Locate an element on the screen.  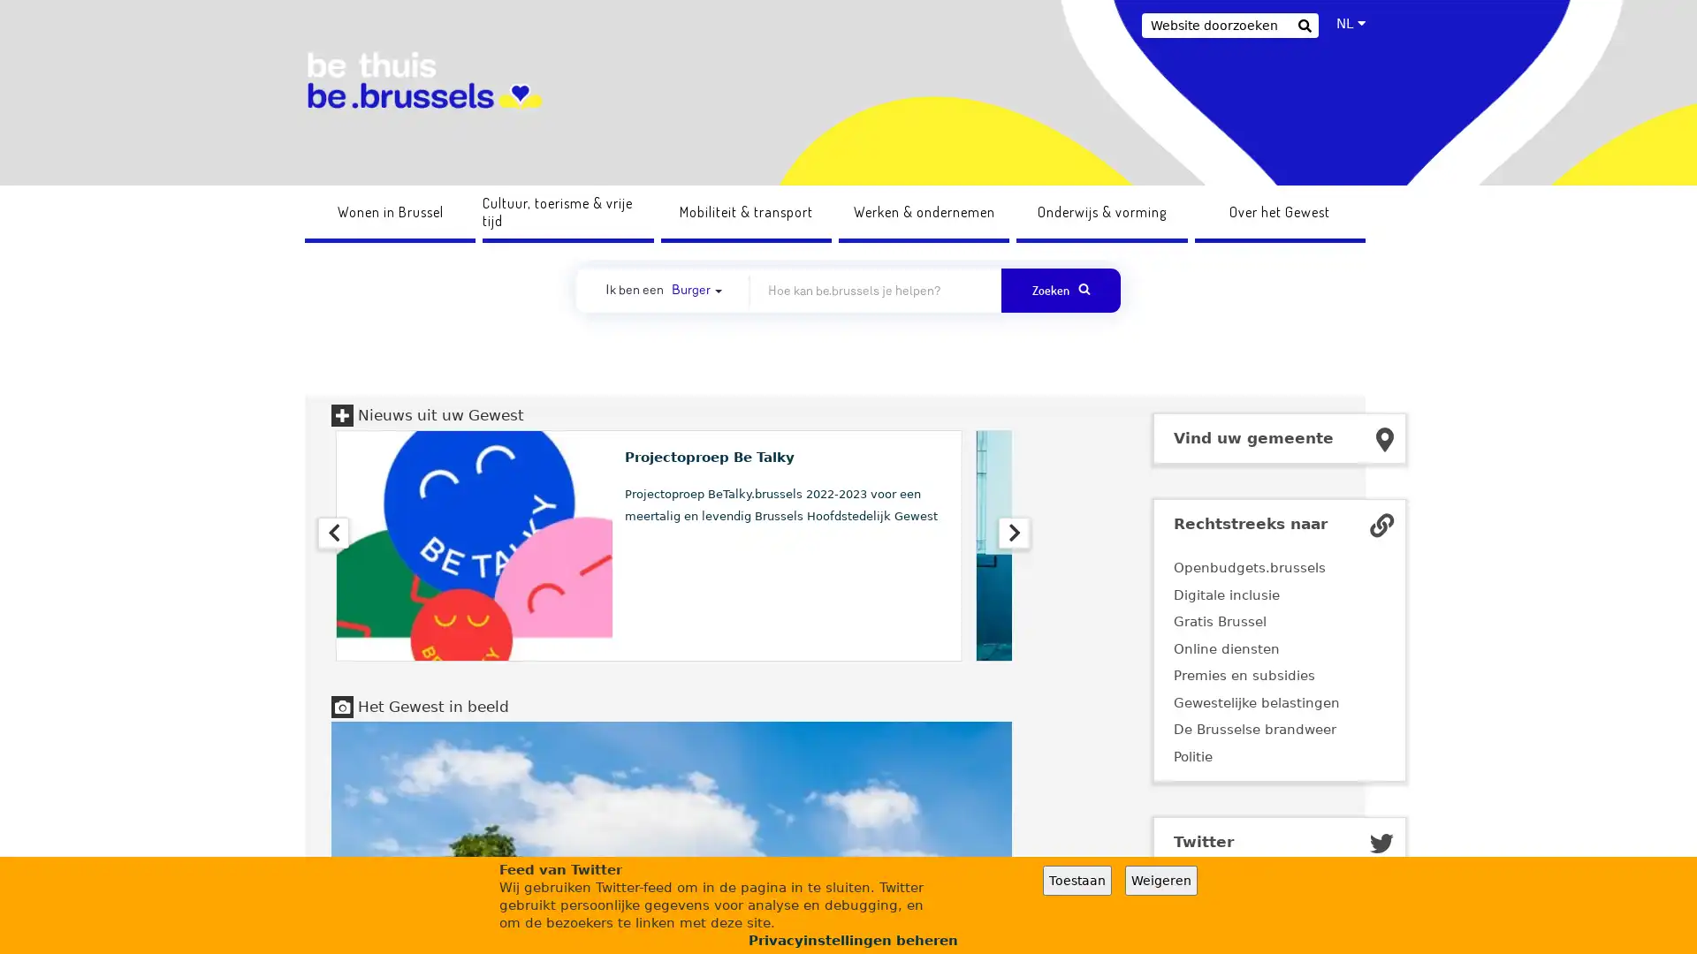
Weigeren is located at coordinates (1161, 880).